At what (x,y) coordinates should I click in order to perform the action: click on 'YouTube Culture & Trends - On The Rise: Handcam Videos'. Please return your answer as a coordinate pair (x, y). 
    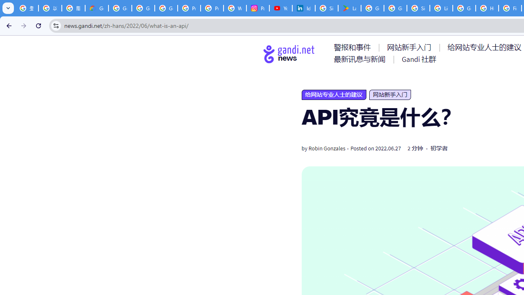
    Looking at the image, I should click on (281, 8).